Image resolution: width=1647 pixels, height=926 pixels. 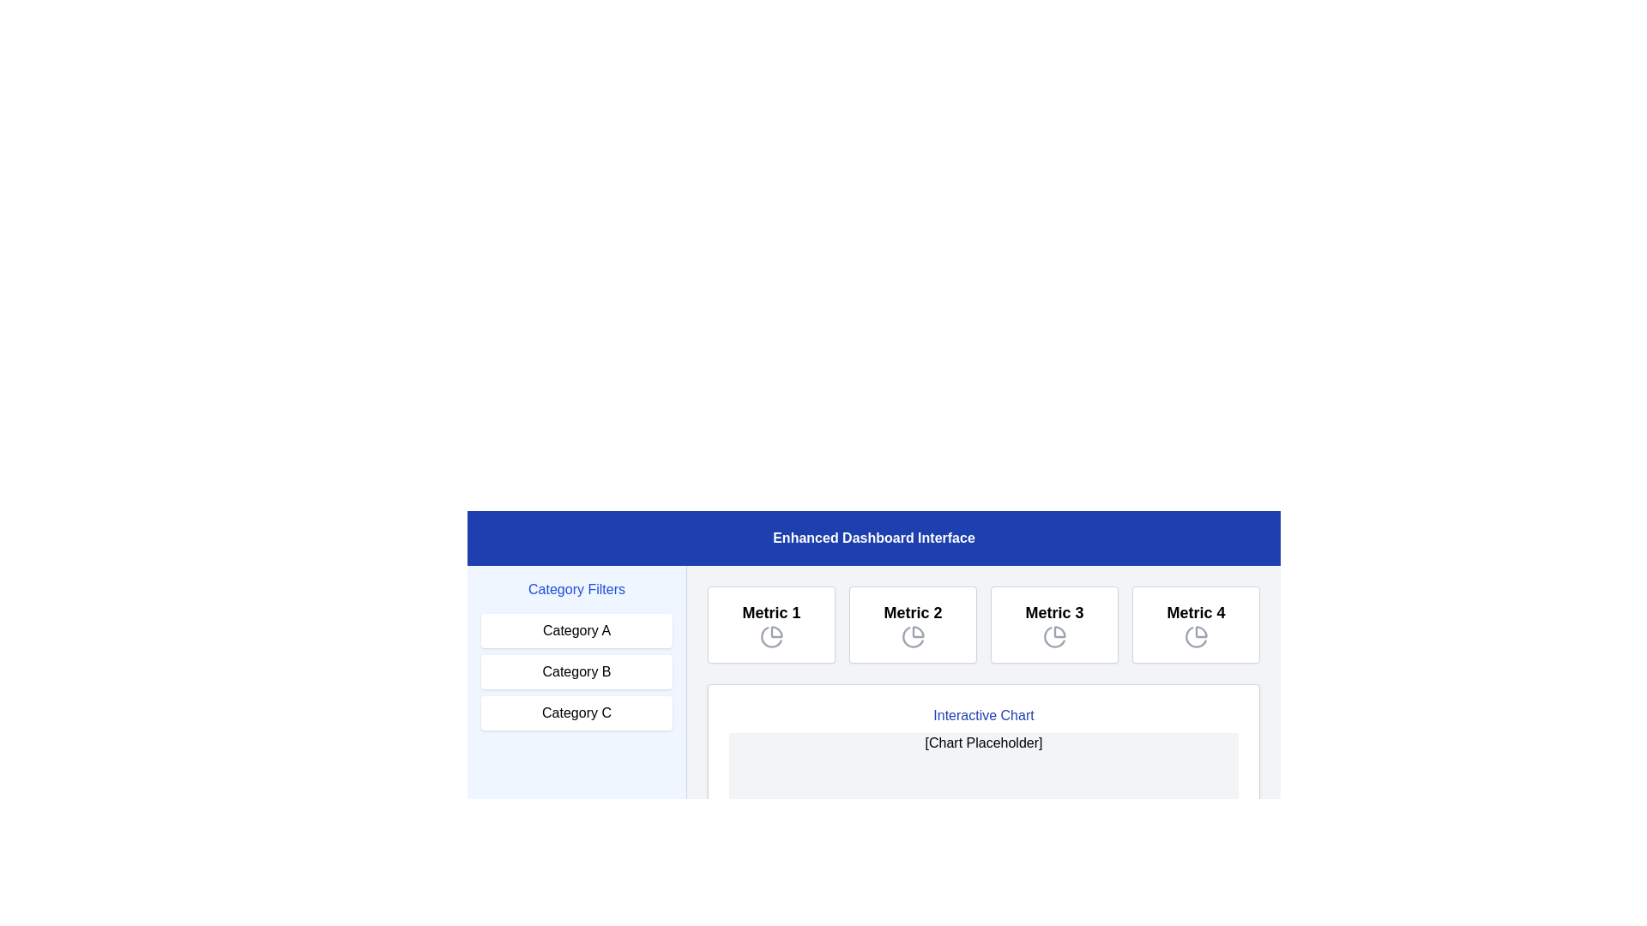 I want to click on text from the 'Metric 1' label, which is a bold and enlarged font text located at the top of the first card in a series of metrics, so click(x=770, y=611).